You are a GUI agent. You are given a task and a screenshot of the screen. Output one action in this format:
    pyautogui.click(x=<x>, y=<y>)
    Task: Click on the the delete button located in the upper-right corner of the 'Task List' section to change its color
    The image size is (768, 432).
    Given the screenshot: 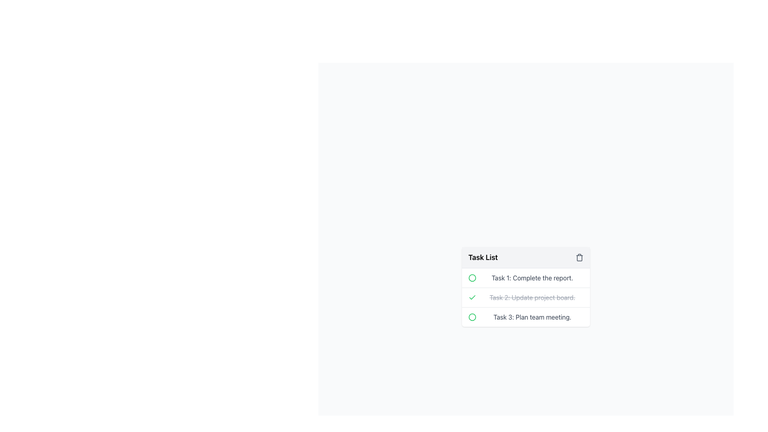 What is the action you would take?
    pyautogui.click(x=580, y=257)
    